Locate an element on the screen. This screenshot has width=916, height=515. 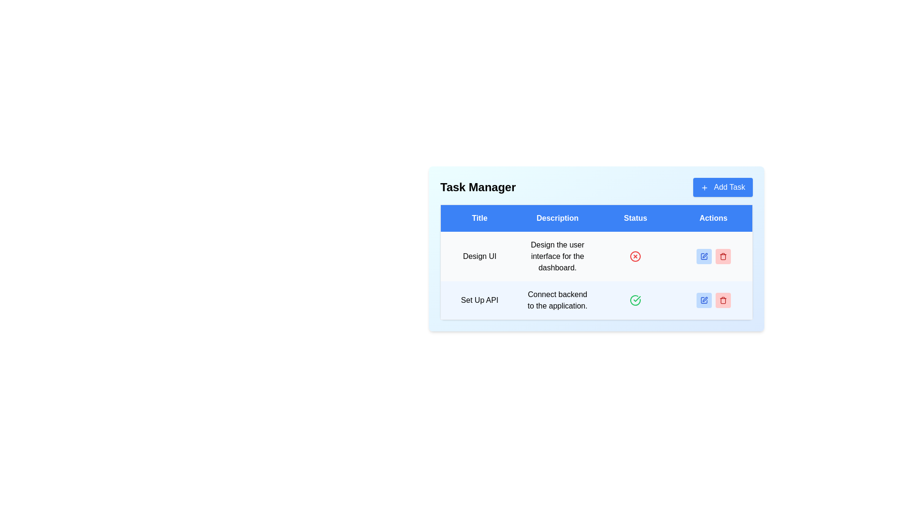
the table cell containing the text 'Connect backend to the application.' located in the second row under the 'Description' column is located at coordinates (557, 300).